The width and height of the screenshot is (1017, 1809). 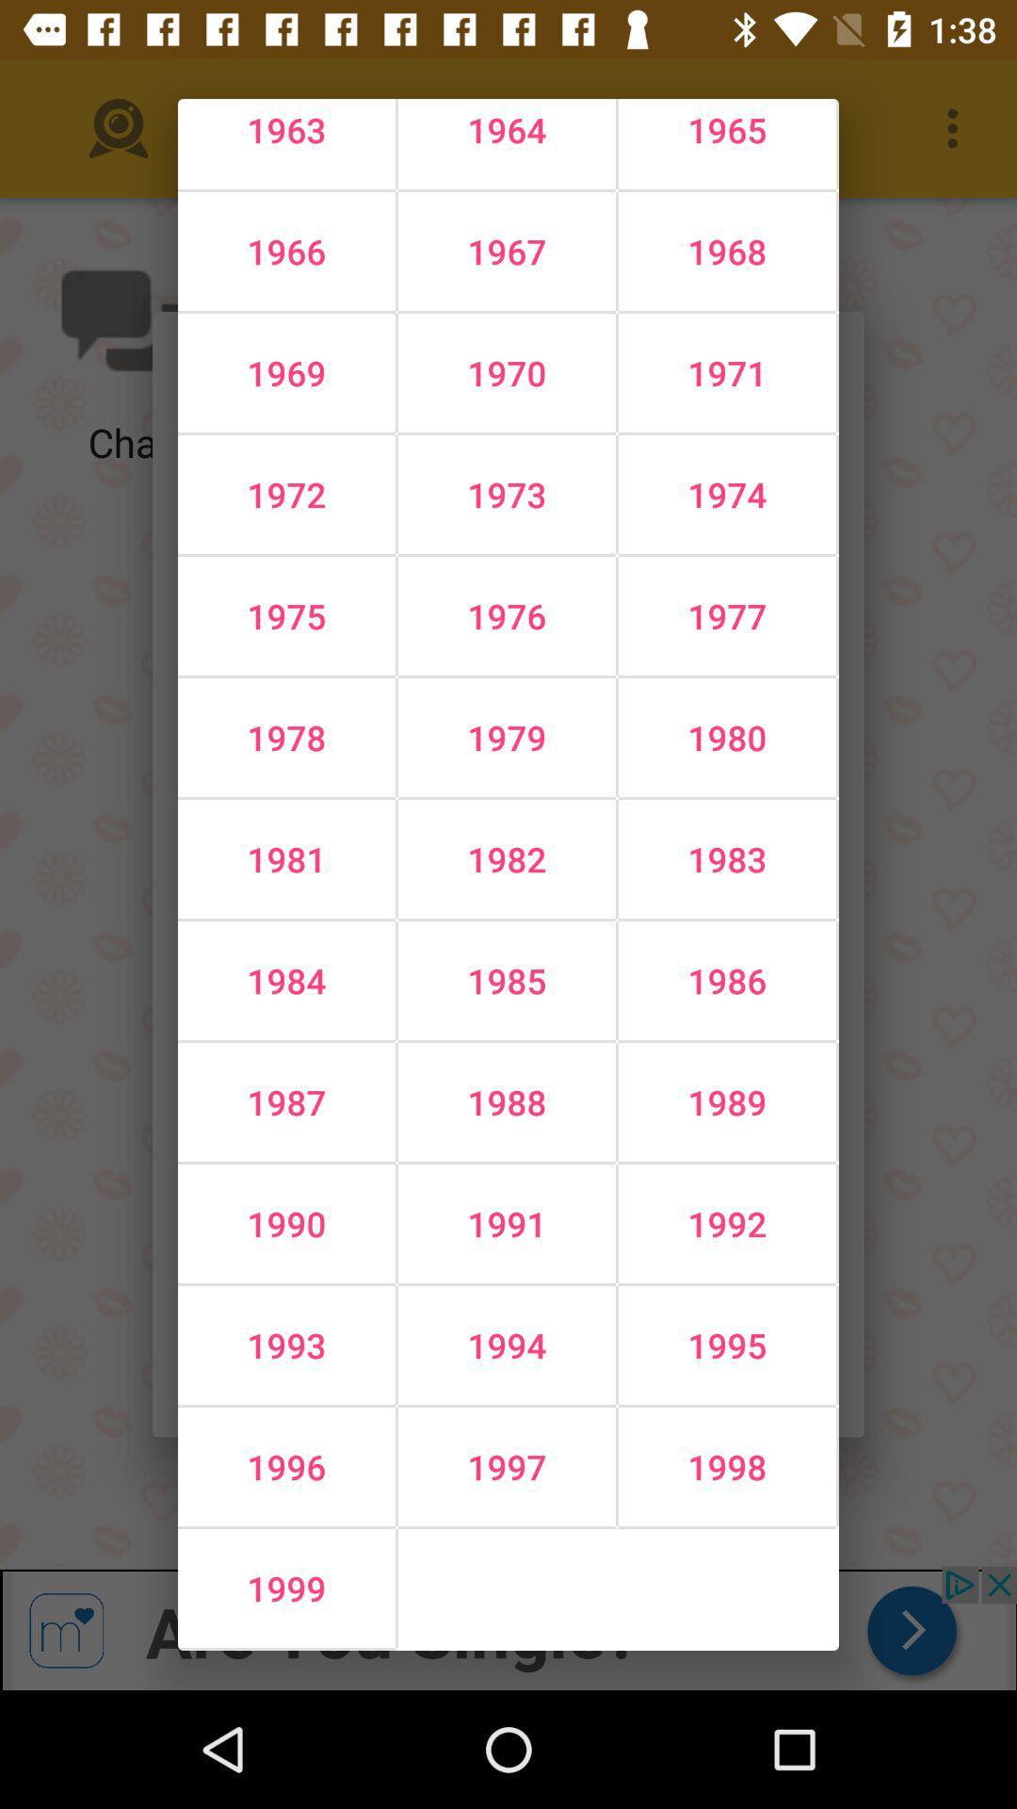 What do you see at coordinates (506, 1102) in the screenshot?
I see `1988 icon` at bounding box center [506, 1102].